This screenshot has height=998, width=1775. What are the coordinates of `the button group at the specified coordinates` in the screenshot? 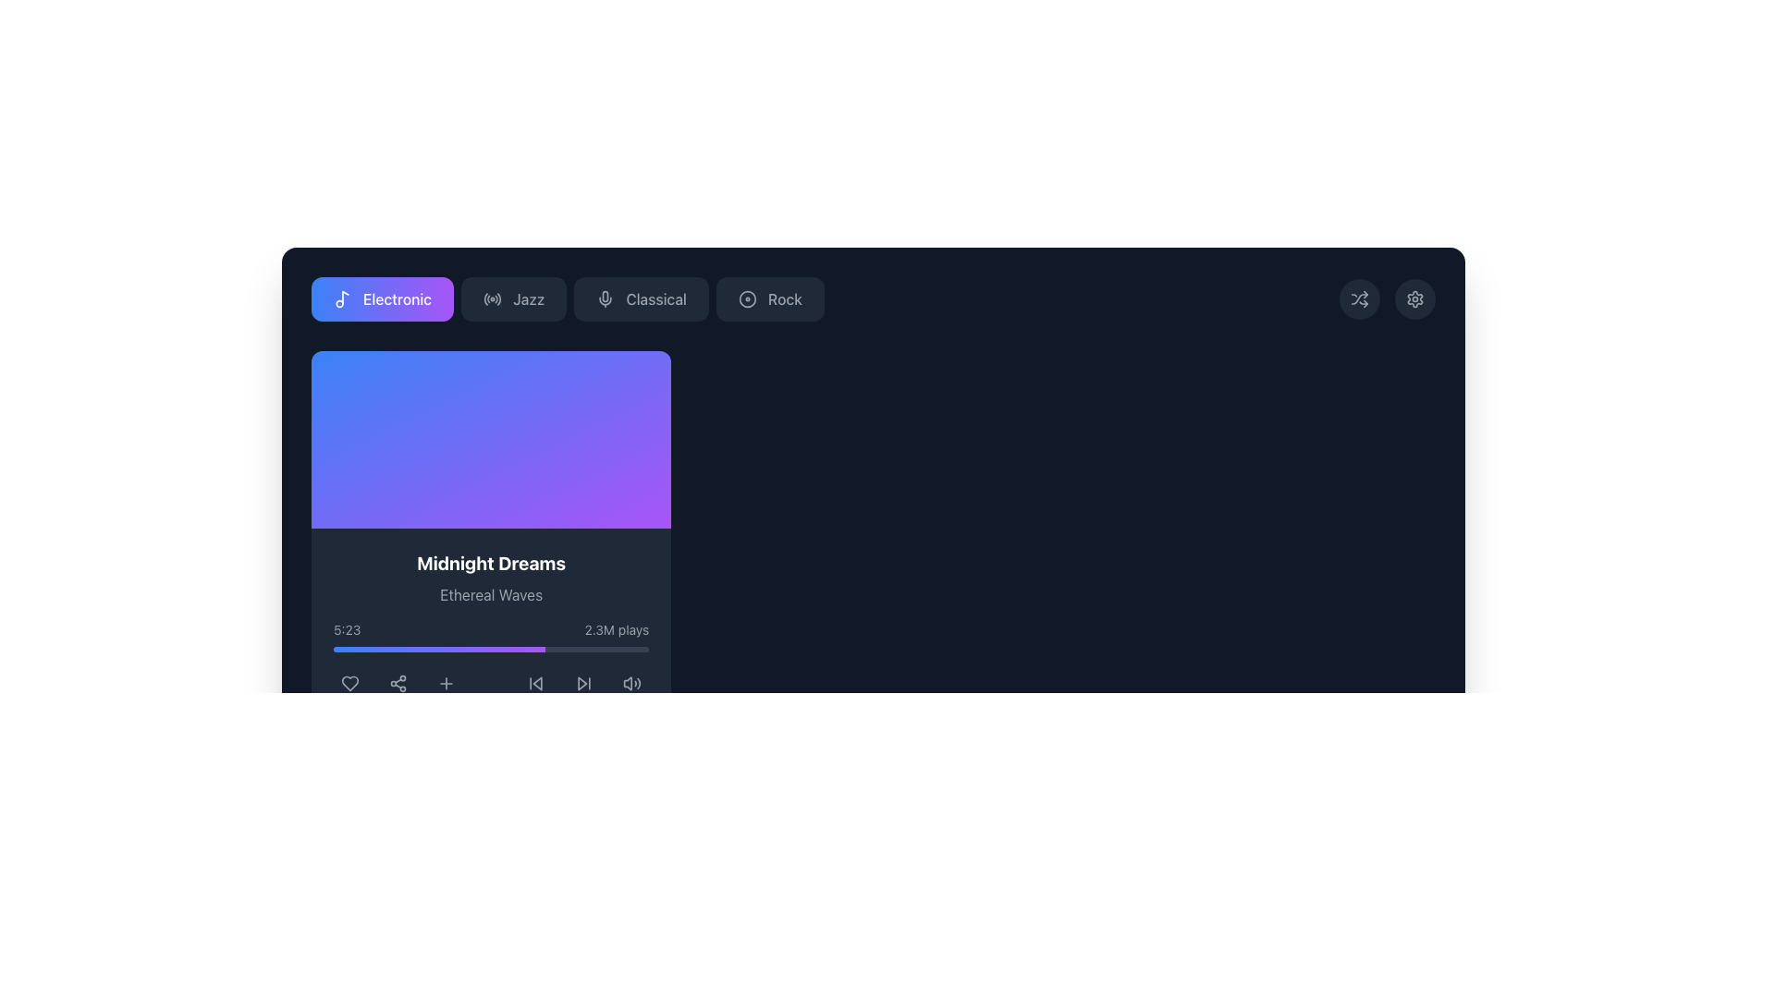 It's located at (567, 298).